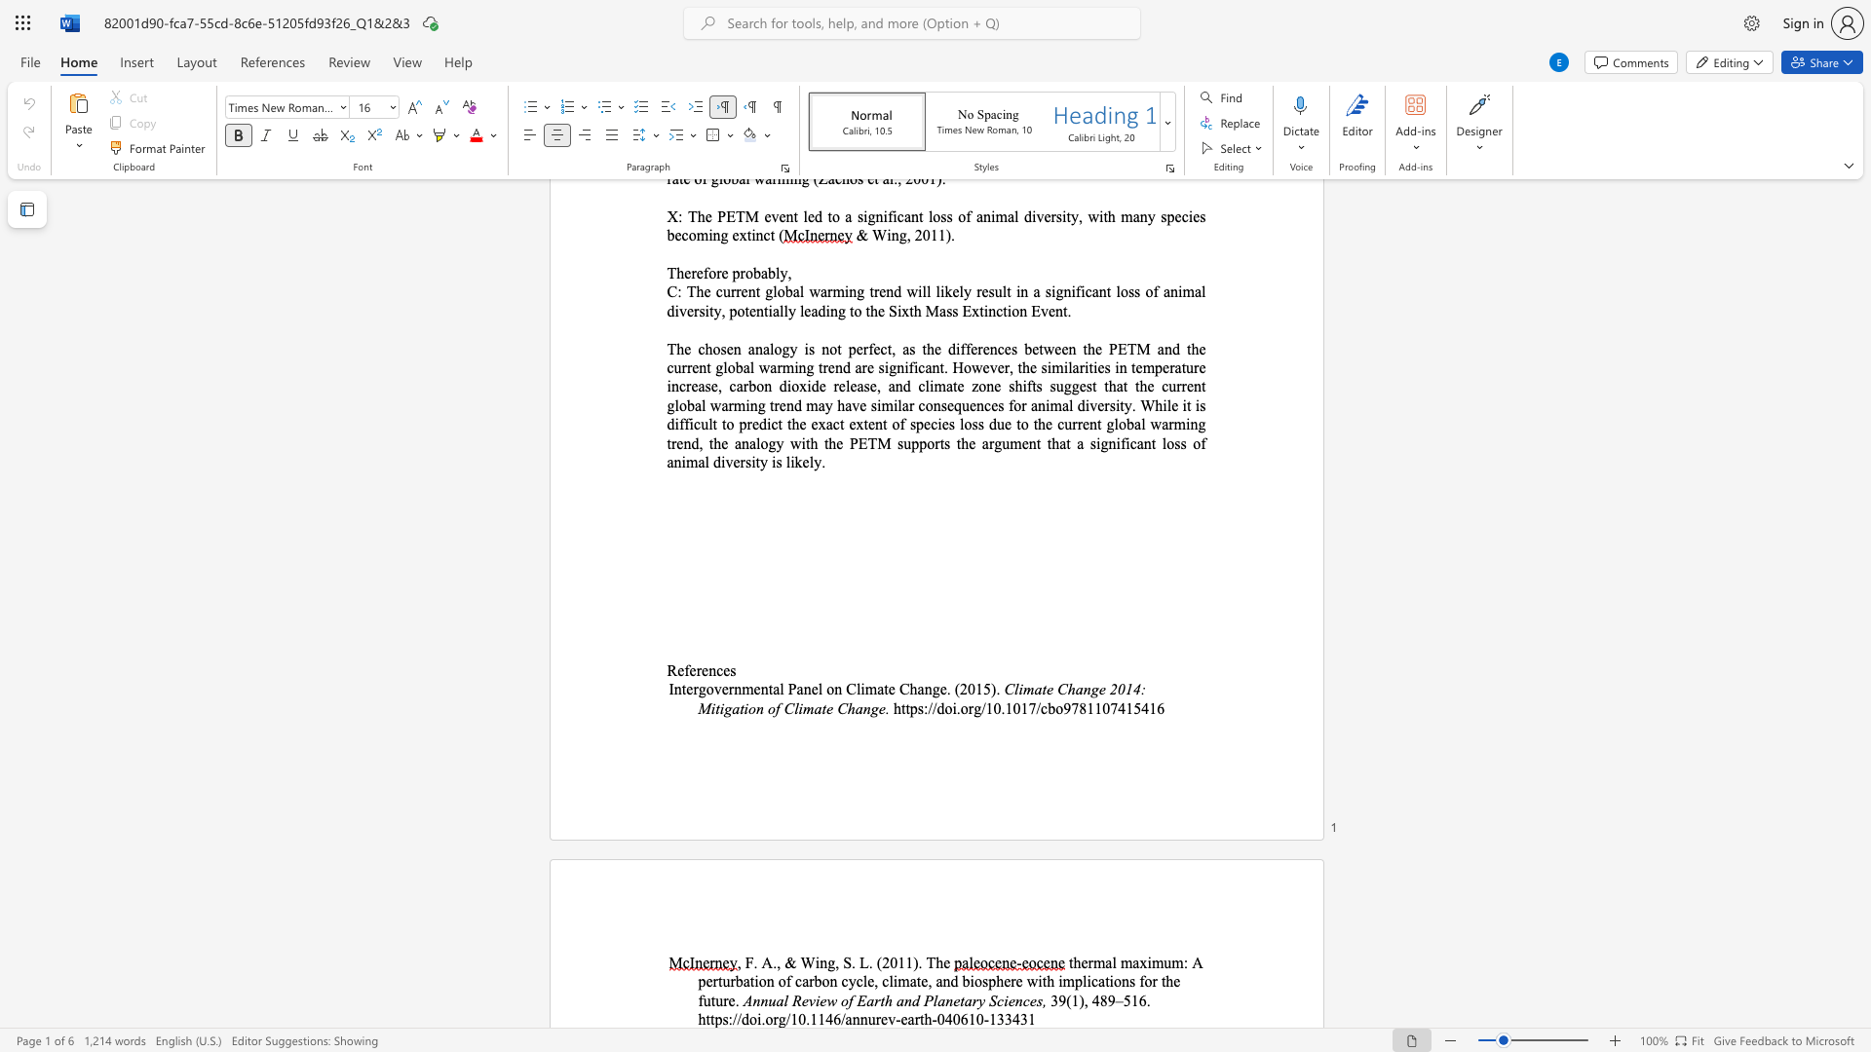 The image size is (1871, 1052). Describe the element at coordinates (1005, 1018) in the screenshot. I see `the subset text "34" within the text "39(1), 489–516. https://doi.org/10.1146/annurev-earth-040610-133431"` at that location.